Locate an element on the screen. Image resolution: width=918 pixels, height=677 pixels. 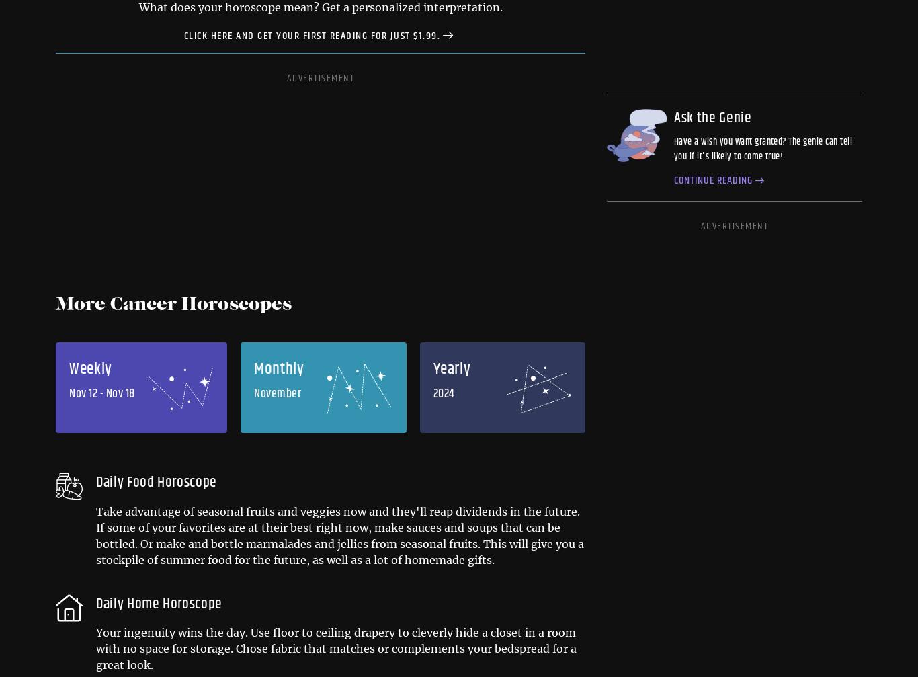
'Weekly' is located at coordinates (89, 368).